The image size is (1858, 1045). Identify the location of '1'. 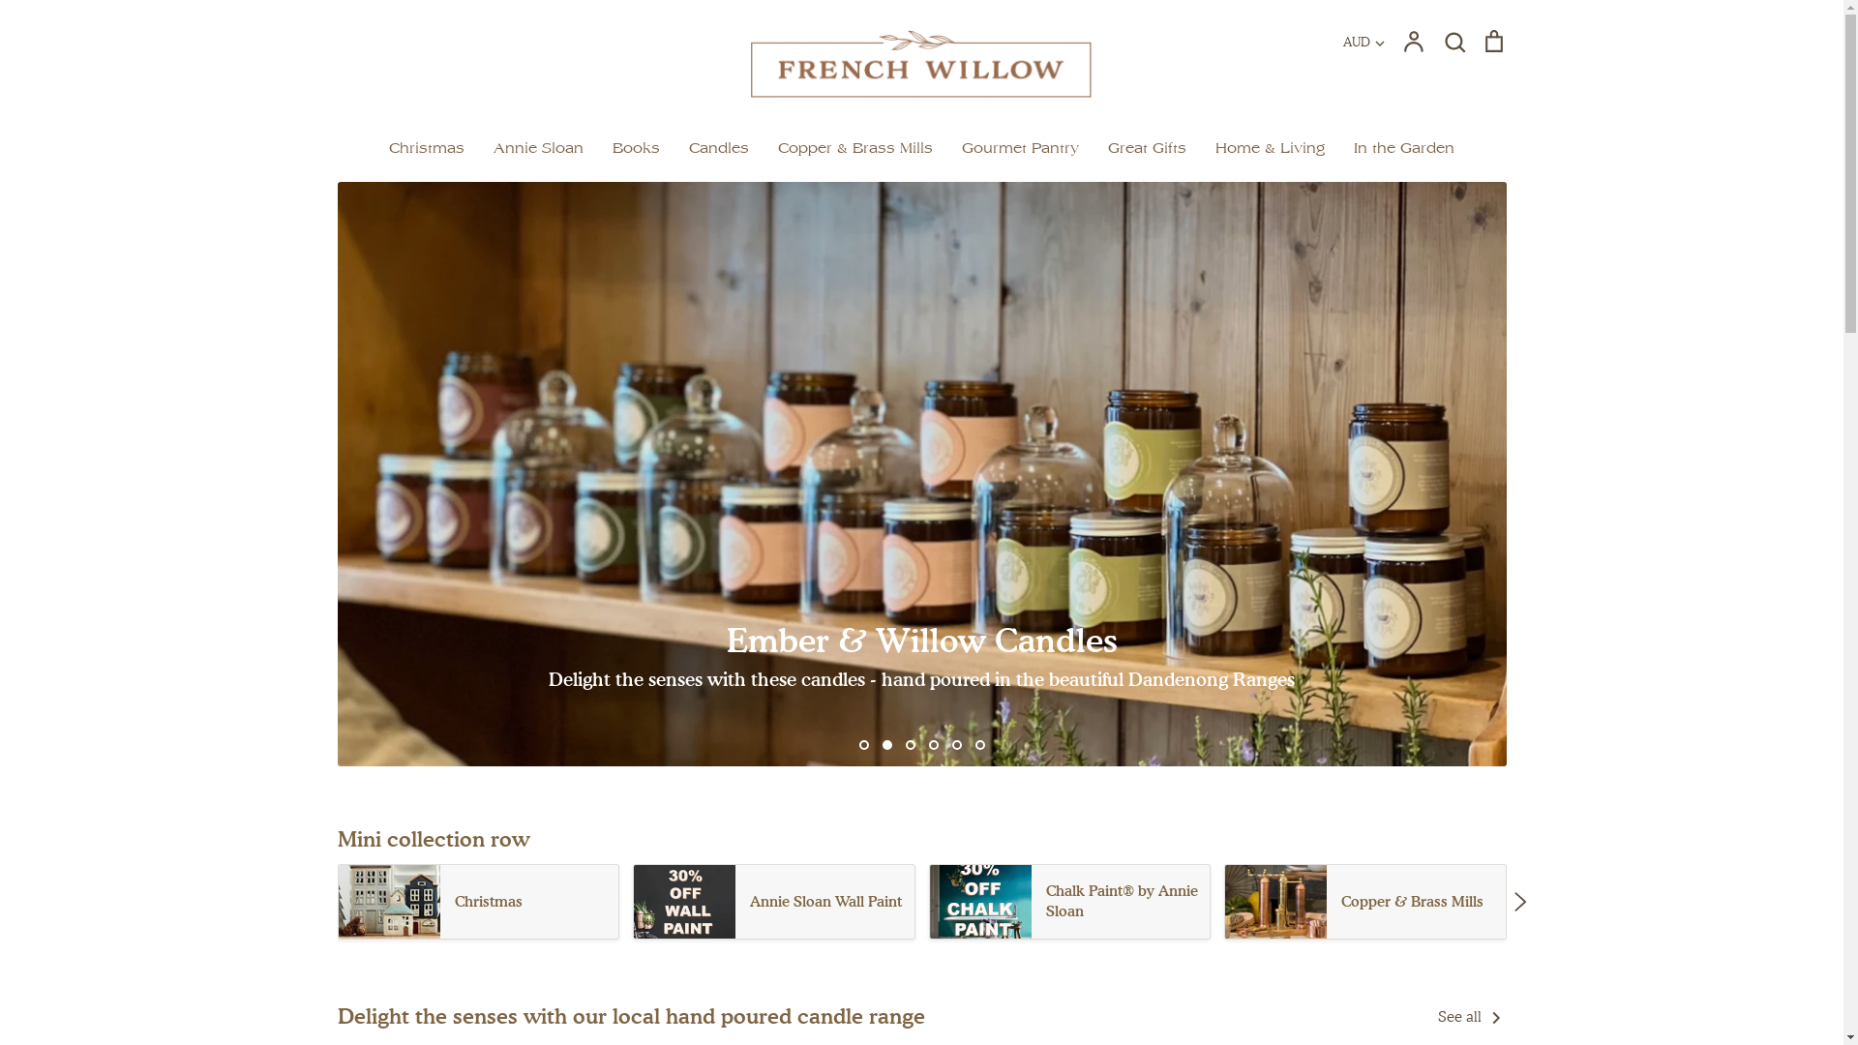
(858, 744).